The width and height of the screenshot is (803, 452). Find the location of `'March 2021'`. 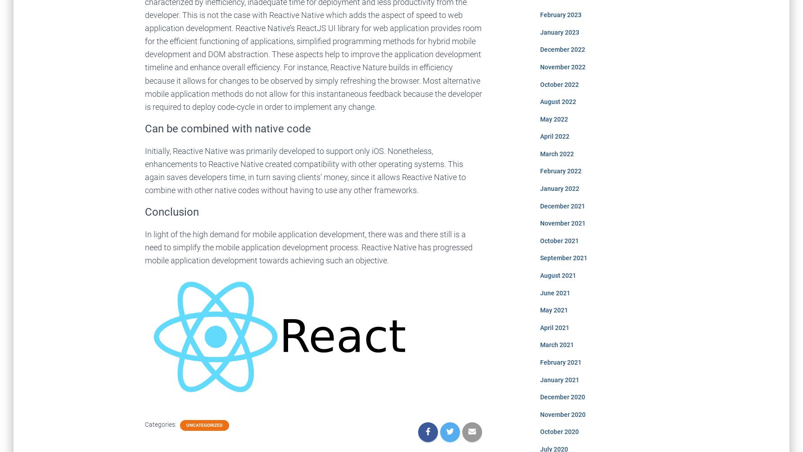

'March 2021' is located at coordinates (556, 344).